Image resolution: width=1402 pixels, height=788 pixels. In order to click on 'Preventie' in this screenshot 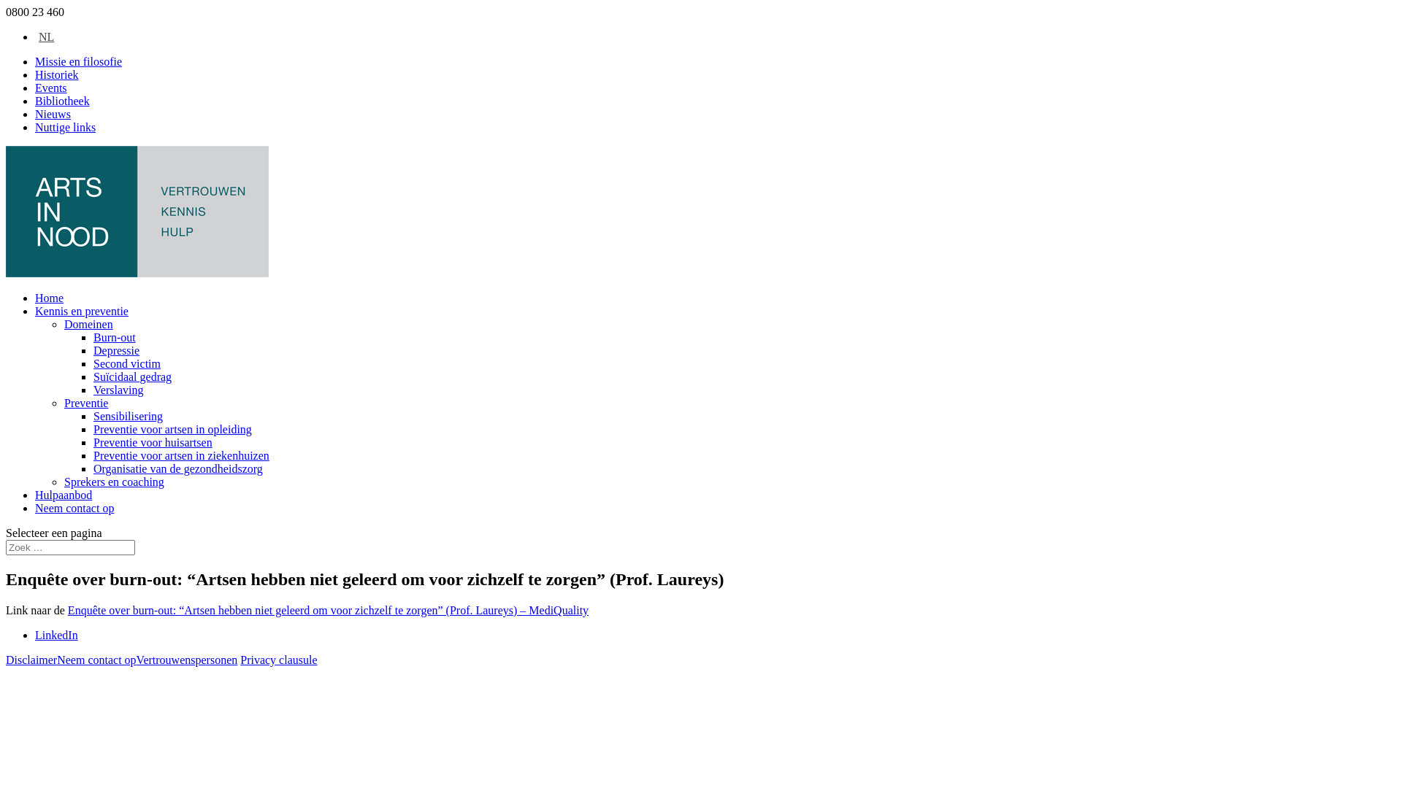, I will do `click(63, 403)`.